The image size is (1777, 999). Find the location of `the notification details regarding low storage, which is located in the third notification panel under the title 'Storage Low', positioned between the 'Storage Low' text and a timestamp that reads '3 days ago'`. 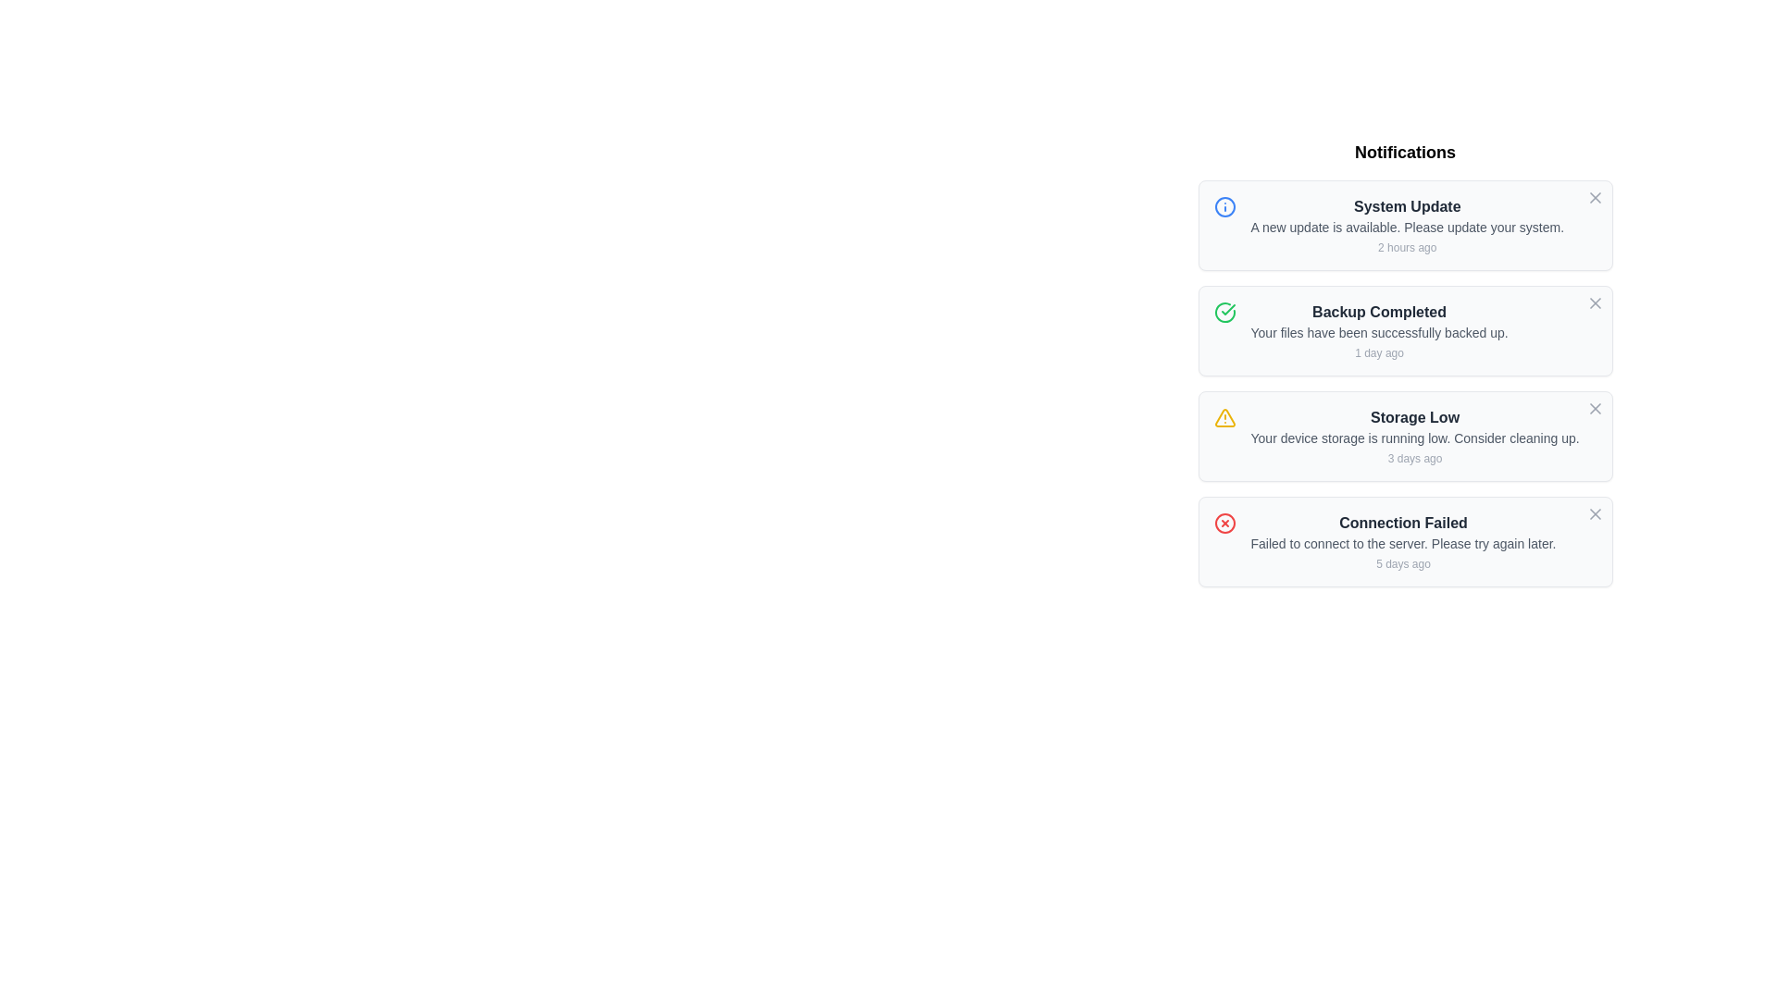

the notification details regarding low storage, which is located in the third notification panel under the title 'Storage Low', positioned between the 'Storage Low' text and a timestamp that reads '3 days ago' is located at coordinates (1414, 438).